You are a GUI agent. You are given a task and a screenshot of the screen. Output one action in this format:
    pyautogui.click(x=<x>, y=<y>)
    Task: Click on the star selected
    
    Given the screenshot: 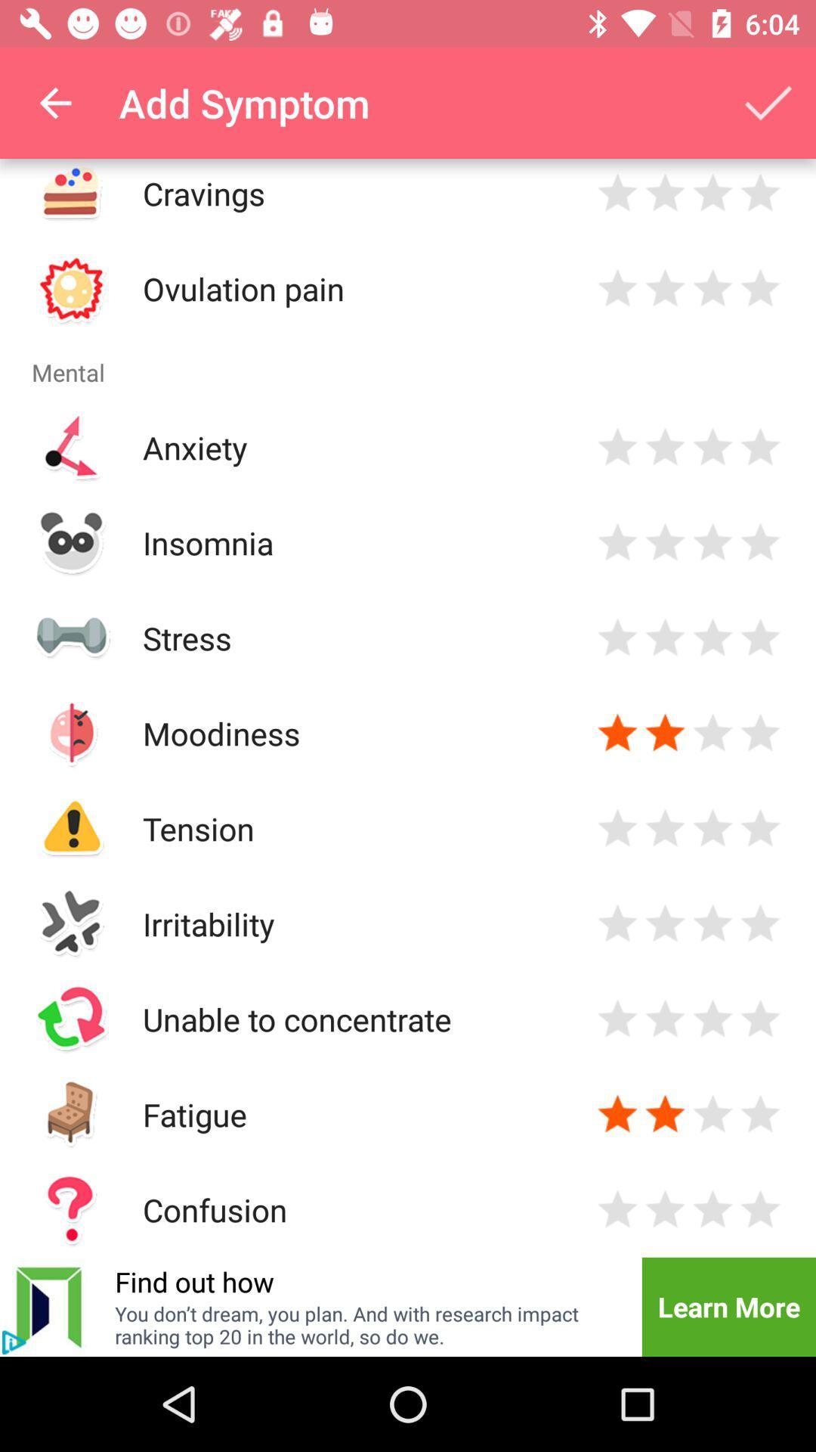 What is the action you would take?
    pyautogui.click(x=664, y=733)
    